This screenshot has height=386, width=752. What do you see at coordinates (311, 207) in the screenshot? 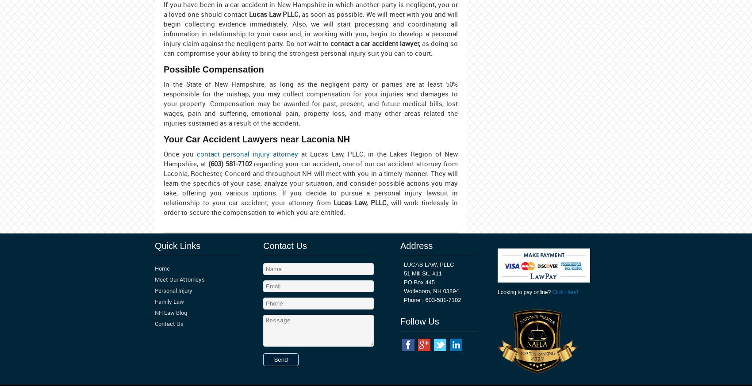
I see `', will work tirelessly in order to secure the compensation to which you are entitled.'` at bounding box center [311, 207].